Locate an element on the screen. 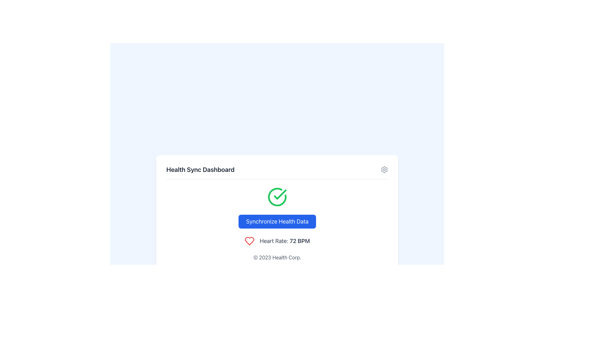  the heart-shaped icon with a red border and fill, located to the left of the text 'Heart Rate: 72 BPM' is located at coordinates (249, 241).